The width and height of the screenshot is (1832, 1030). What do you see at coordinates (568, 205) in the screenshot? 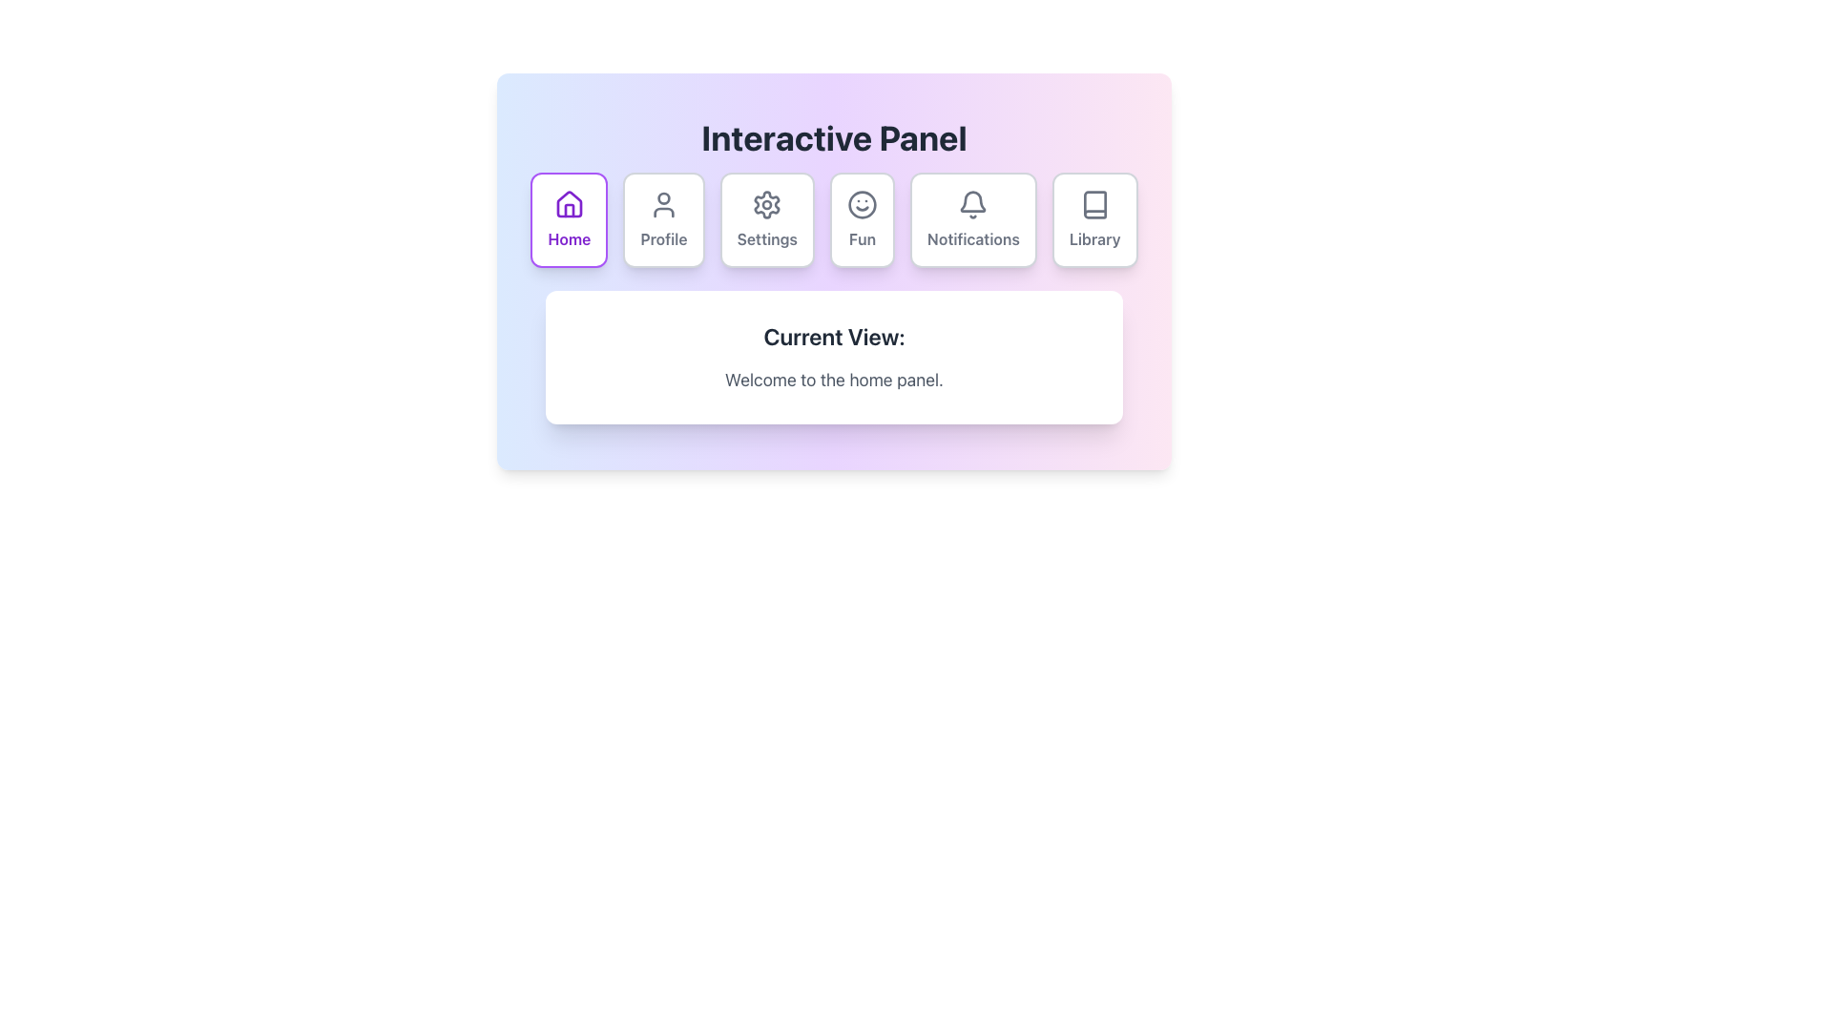
I see `the 'Home' icon located in the top-left corner of the interactive panel, which serves as a visual representation of the 'Home' function` at bounding box center [568, 205].